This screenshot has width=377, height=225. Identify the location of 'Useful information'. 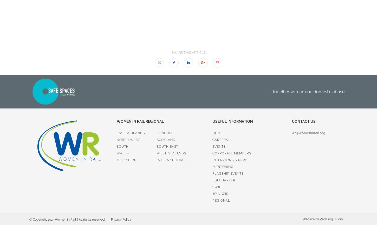
(232, 121).